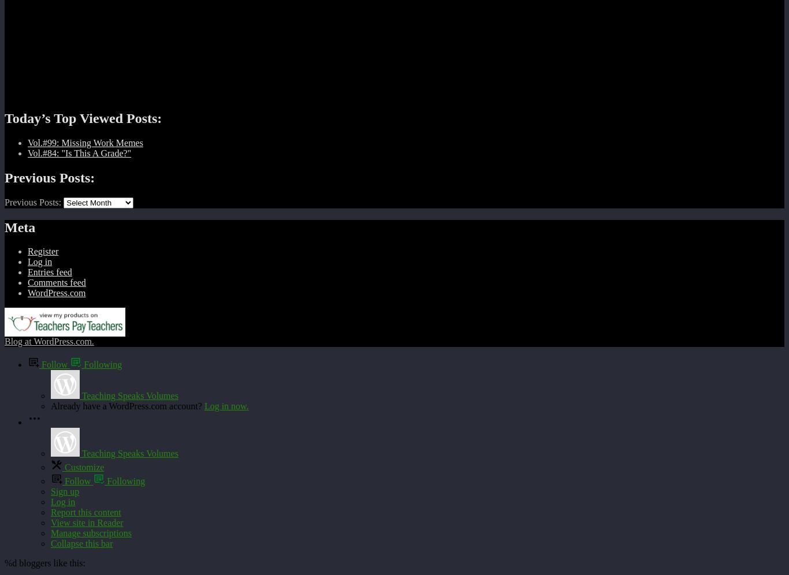 This screenshot has height=575, width=789. I want to click on 'bloggers like this:', so click(50, 562).